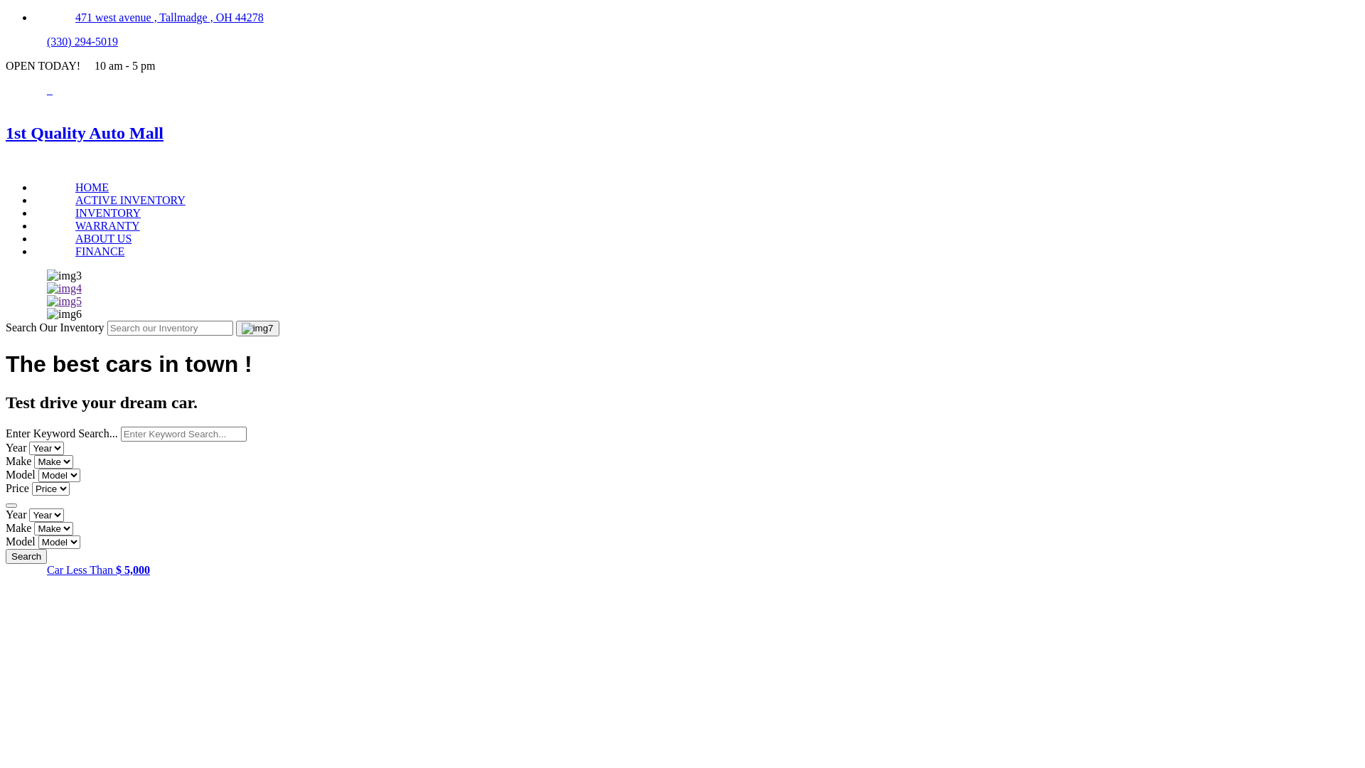  What do you see at coordinates (102, 238) in the screenshot?
I see `'ABOUT US'` at bounding box center [102, 238].